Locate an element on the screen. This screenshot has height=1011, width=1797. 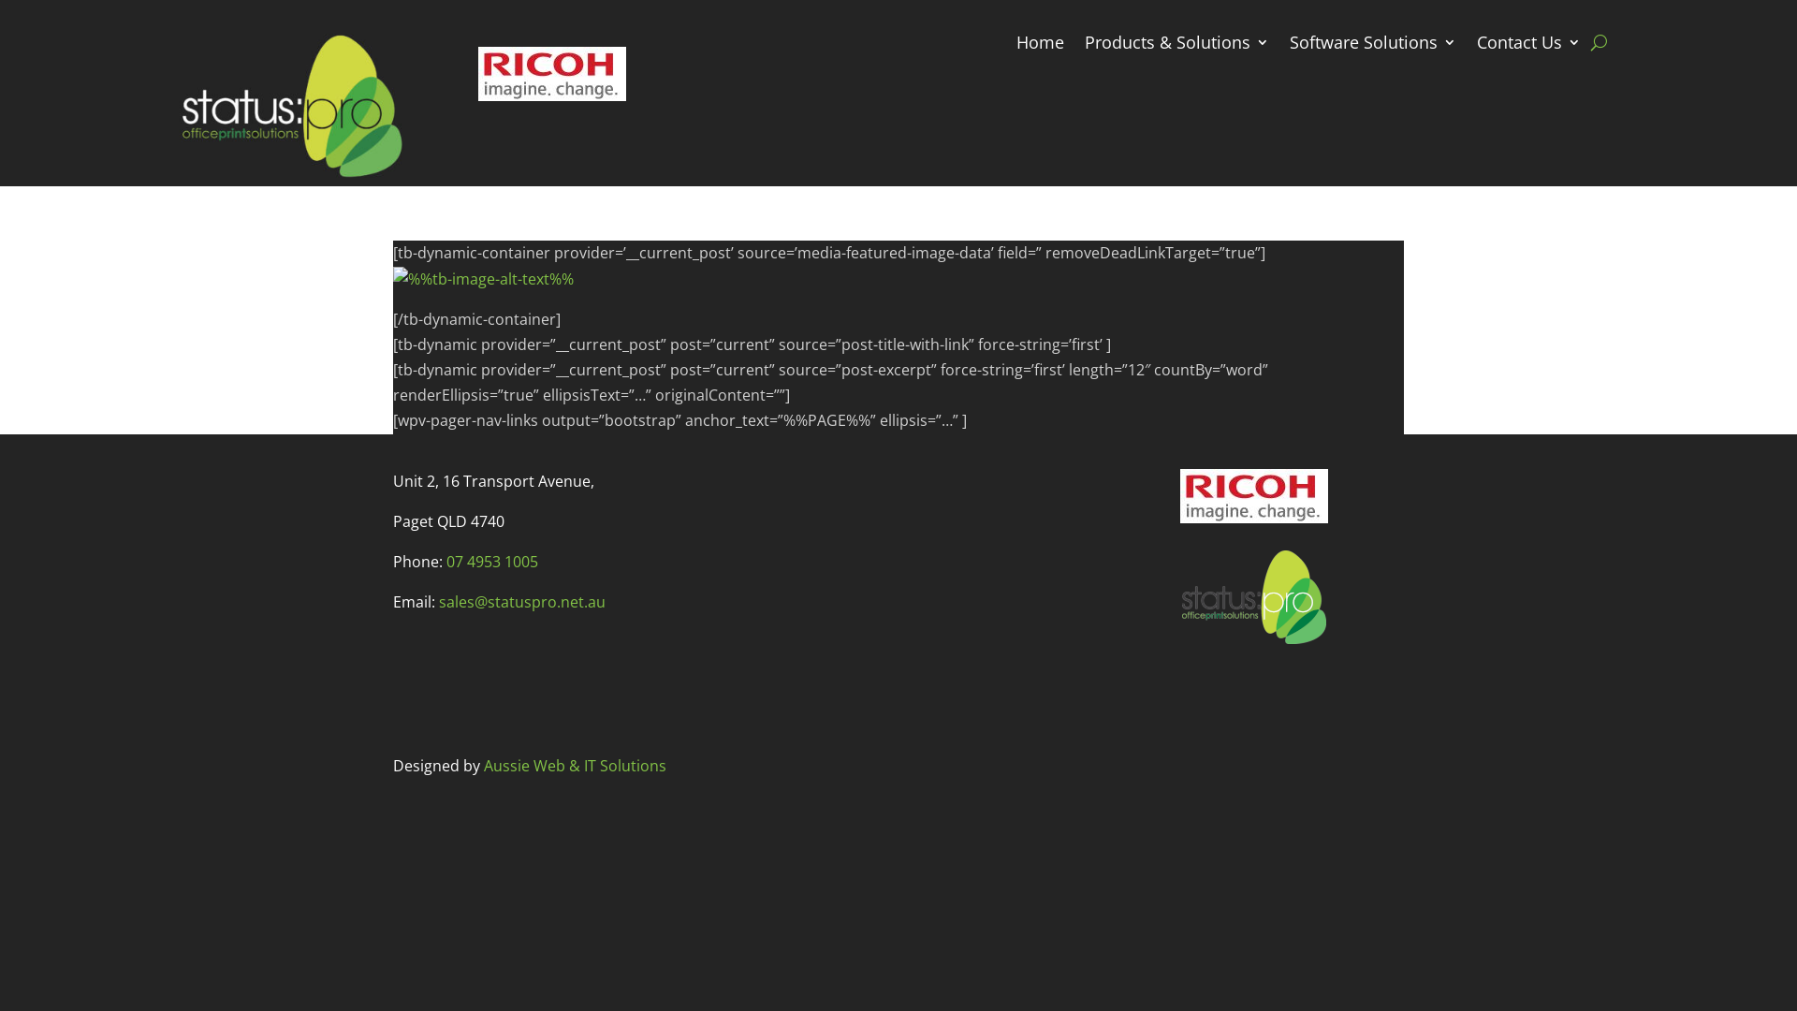
'Software Solutions' is located at coordinates (1373, 45).